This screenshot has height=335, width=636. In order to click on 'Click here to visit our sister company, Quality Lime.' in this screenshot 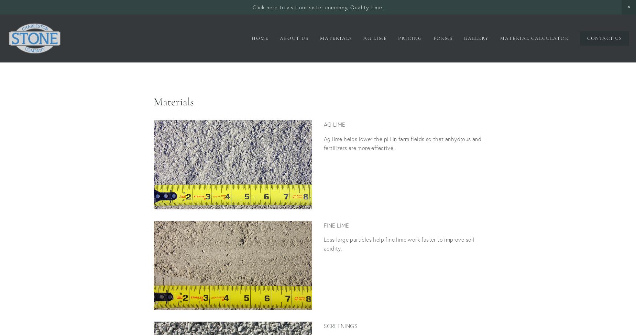, I will do `click(318, 7)`.